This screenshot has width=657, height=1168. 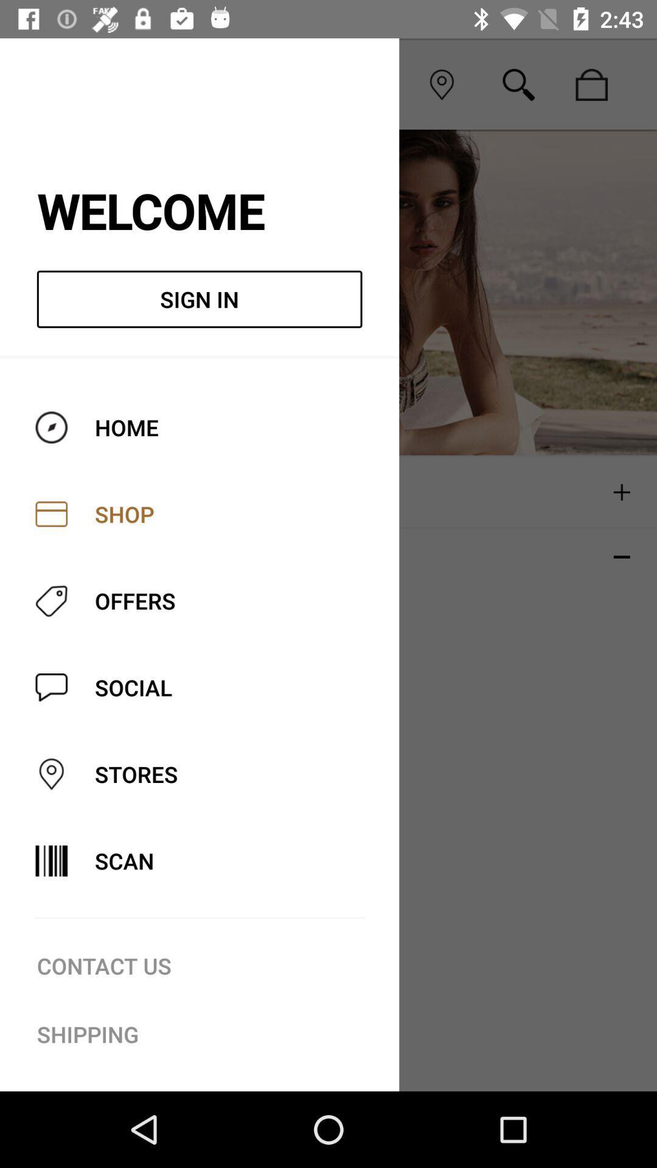 What do you see at coordinates (50, 601) in the screenshot?
I see `offers icon` at bounding box center [50, 601].